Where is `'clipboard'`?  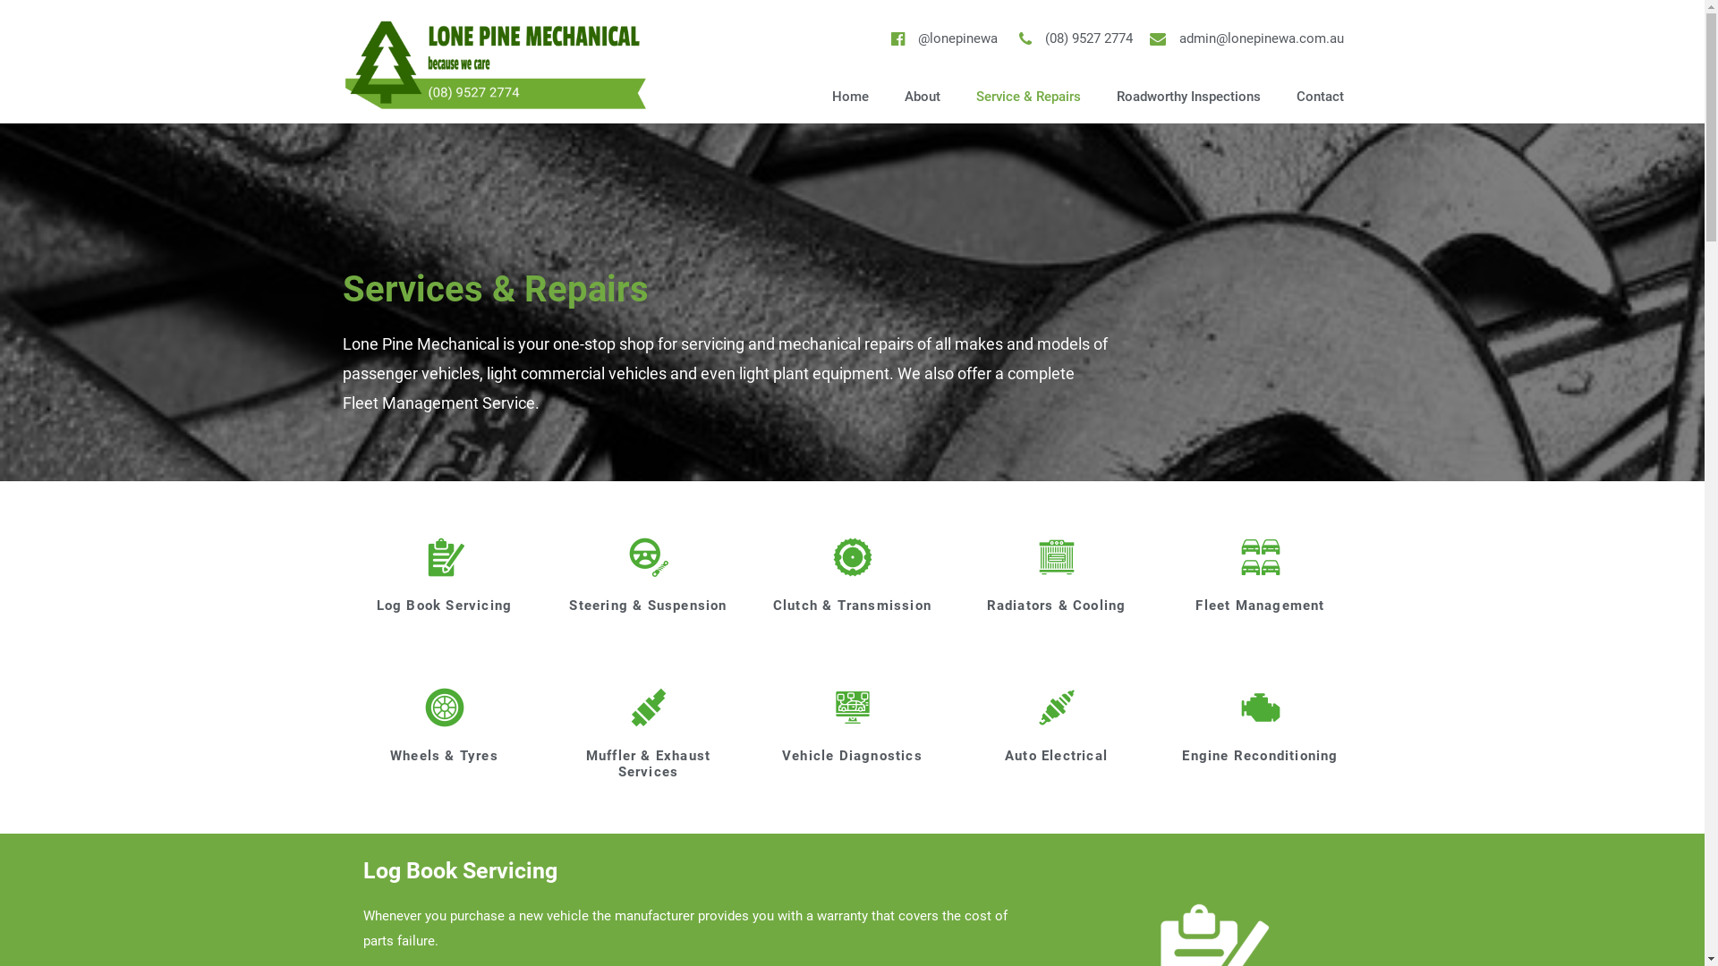
'clipboard' is located at coordinates (445, 556).